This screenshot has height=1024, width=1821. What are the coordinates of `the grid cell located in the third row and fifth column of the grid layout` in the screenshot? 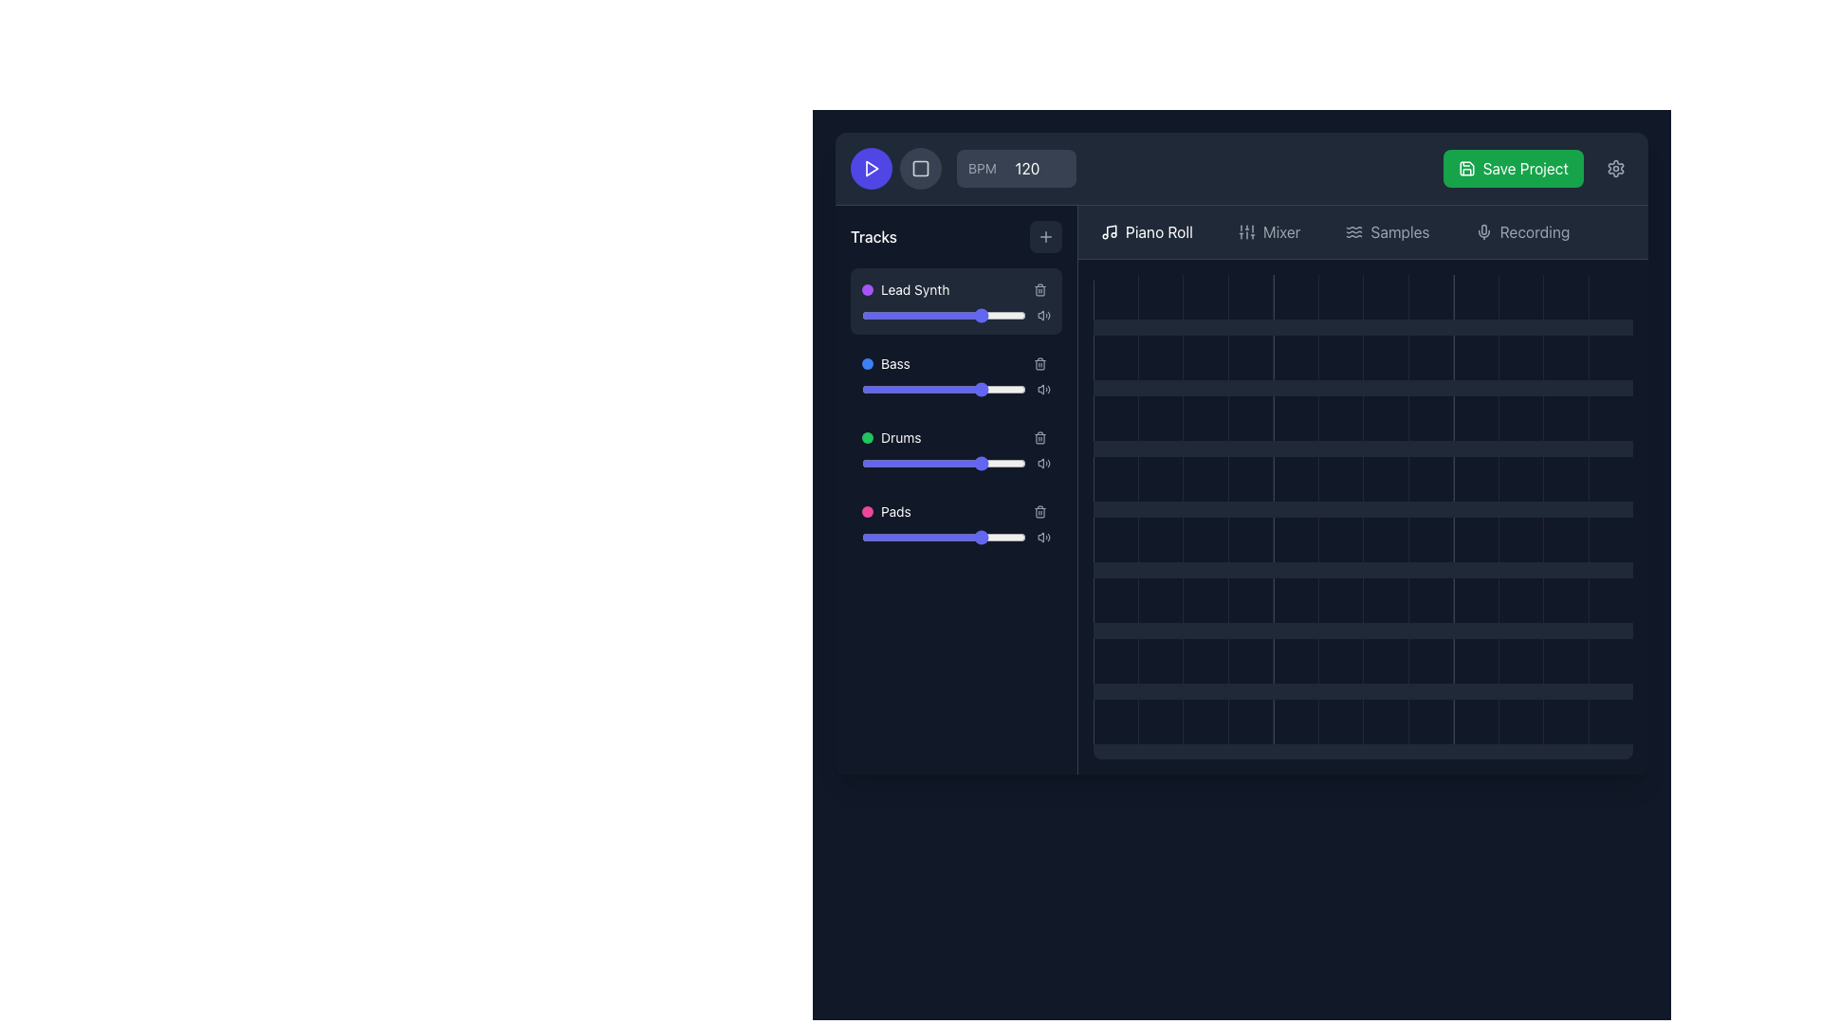 It's located at (1295, 417).